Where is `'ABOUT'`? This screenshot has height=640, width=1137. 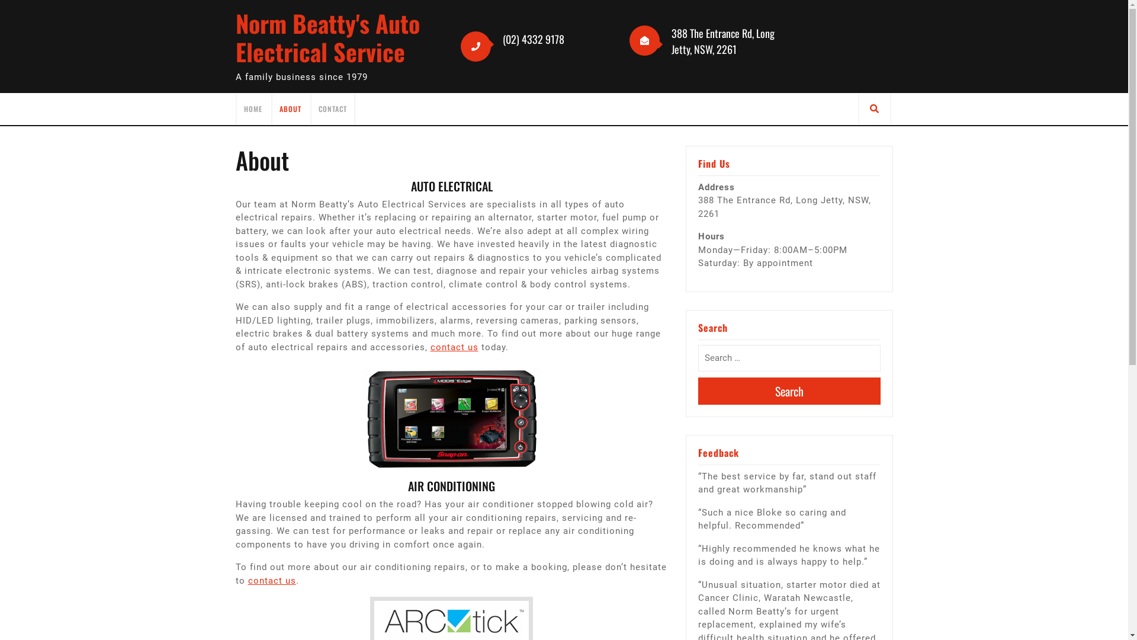 'ABOUT' is located at coordinates (278, 108).